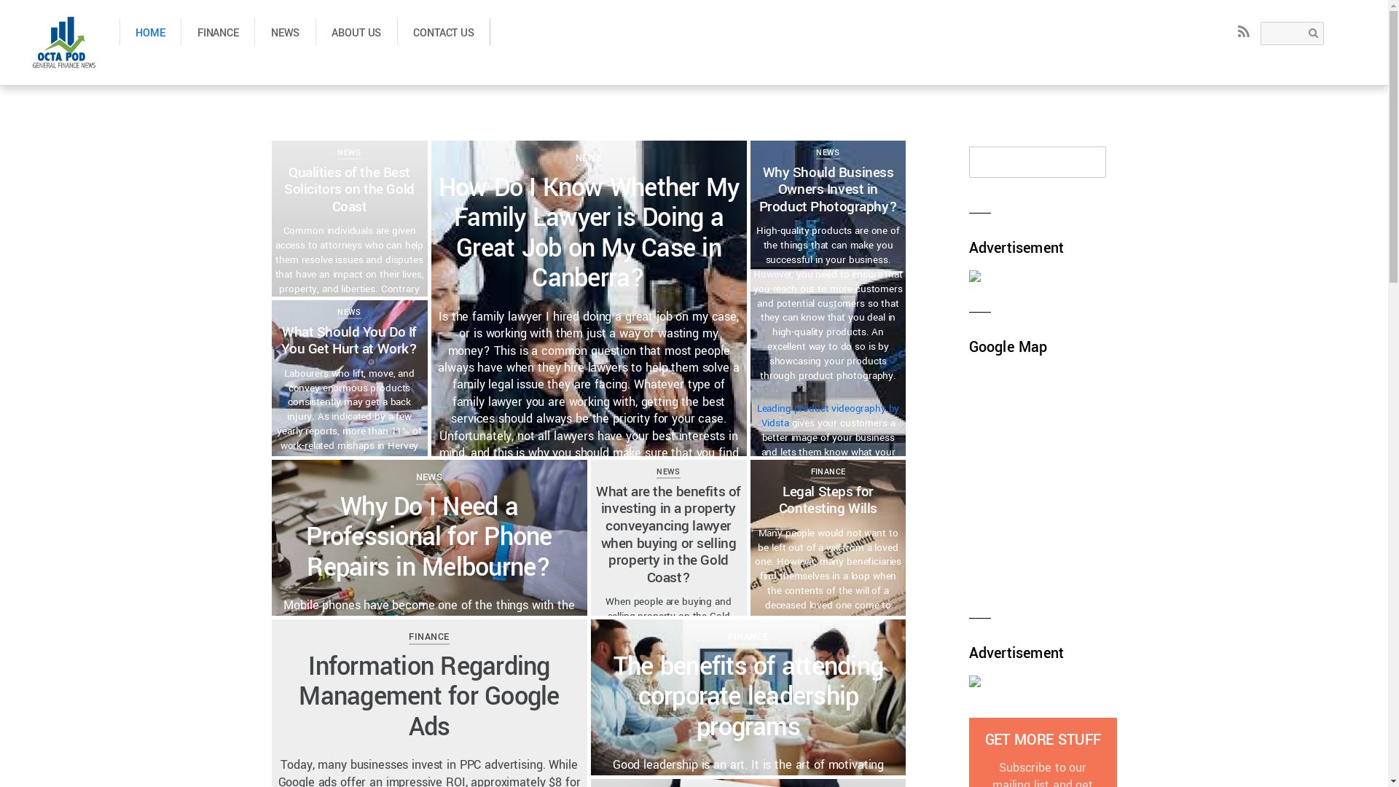  I want to click on 'The benefits of attending corporate leadership programs', so click(613, 696).